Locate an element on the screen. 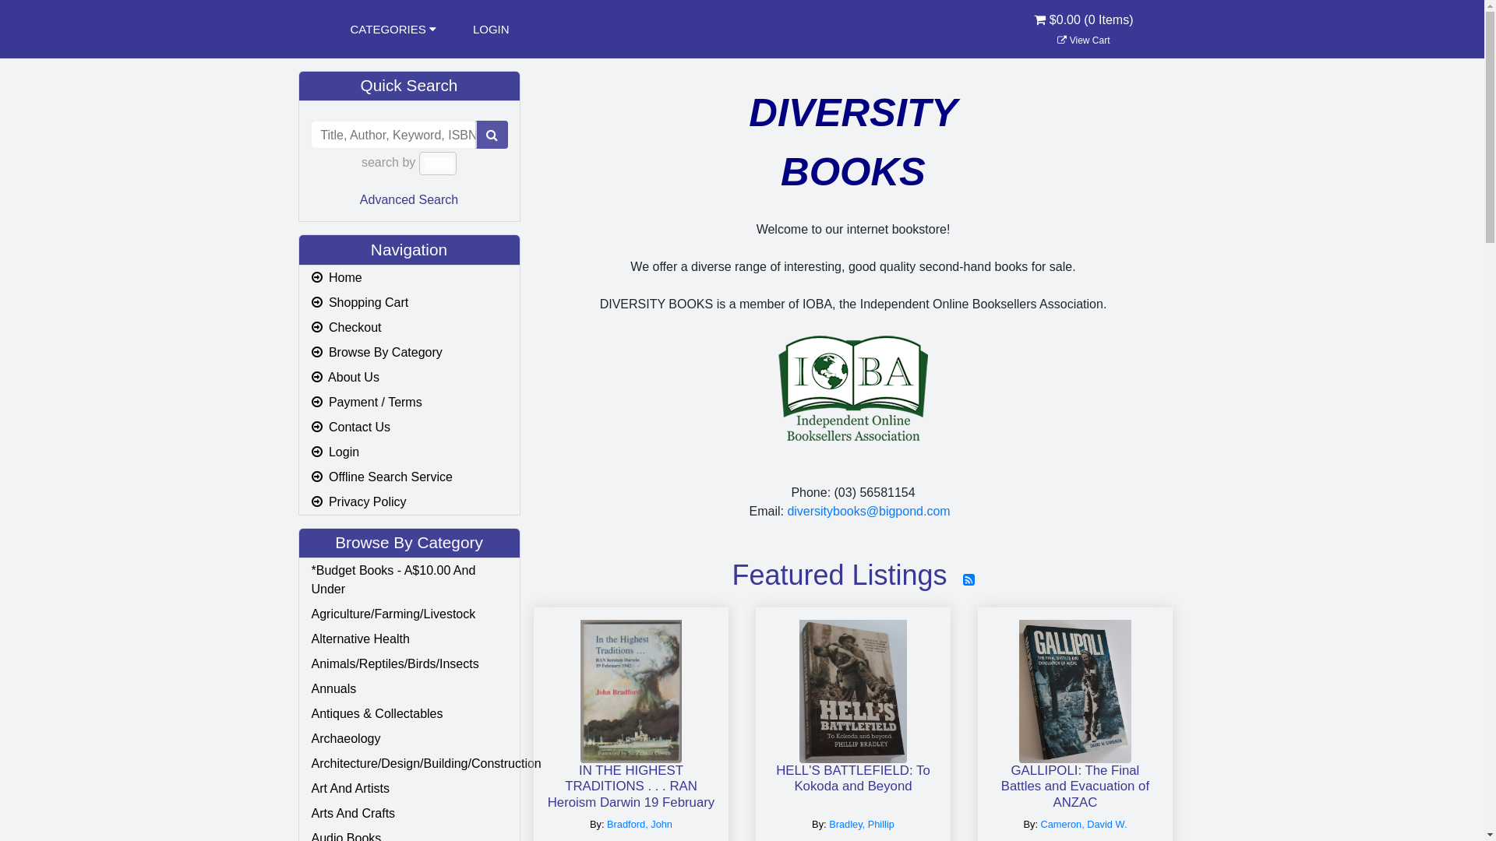 The width and height of the screenshot is (1496, 841). '$0.00 (0 Items)' is located at coordinates (1082, 29).